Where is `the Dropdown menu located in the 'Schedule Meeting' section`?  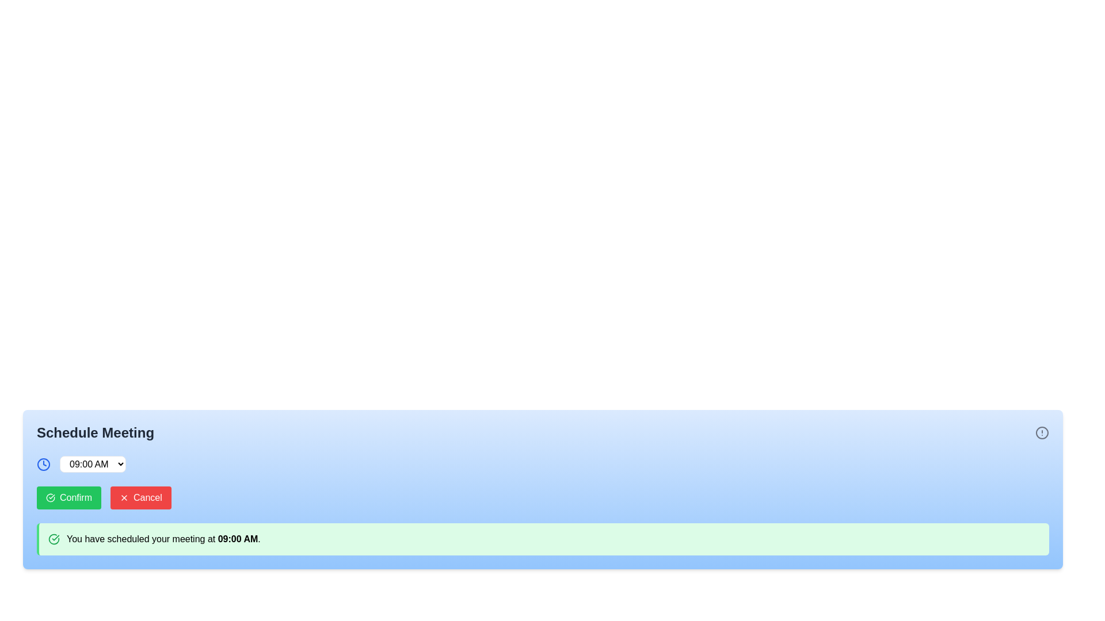
the Dropdown menu located in the 'Schedule Meeting' section is located at coordinates (93, 463).